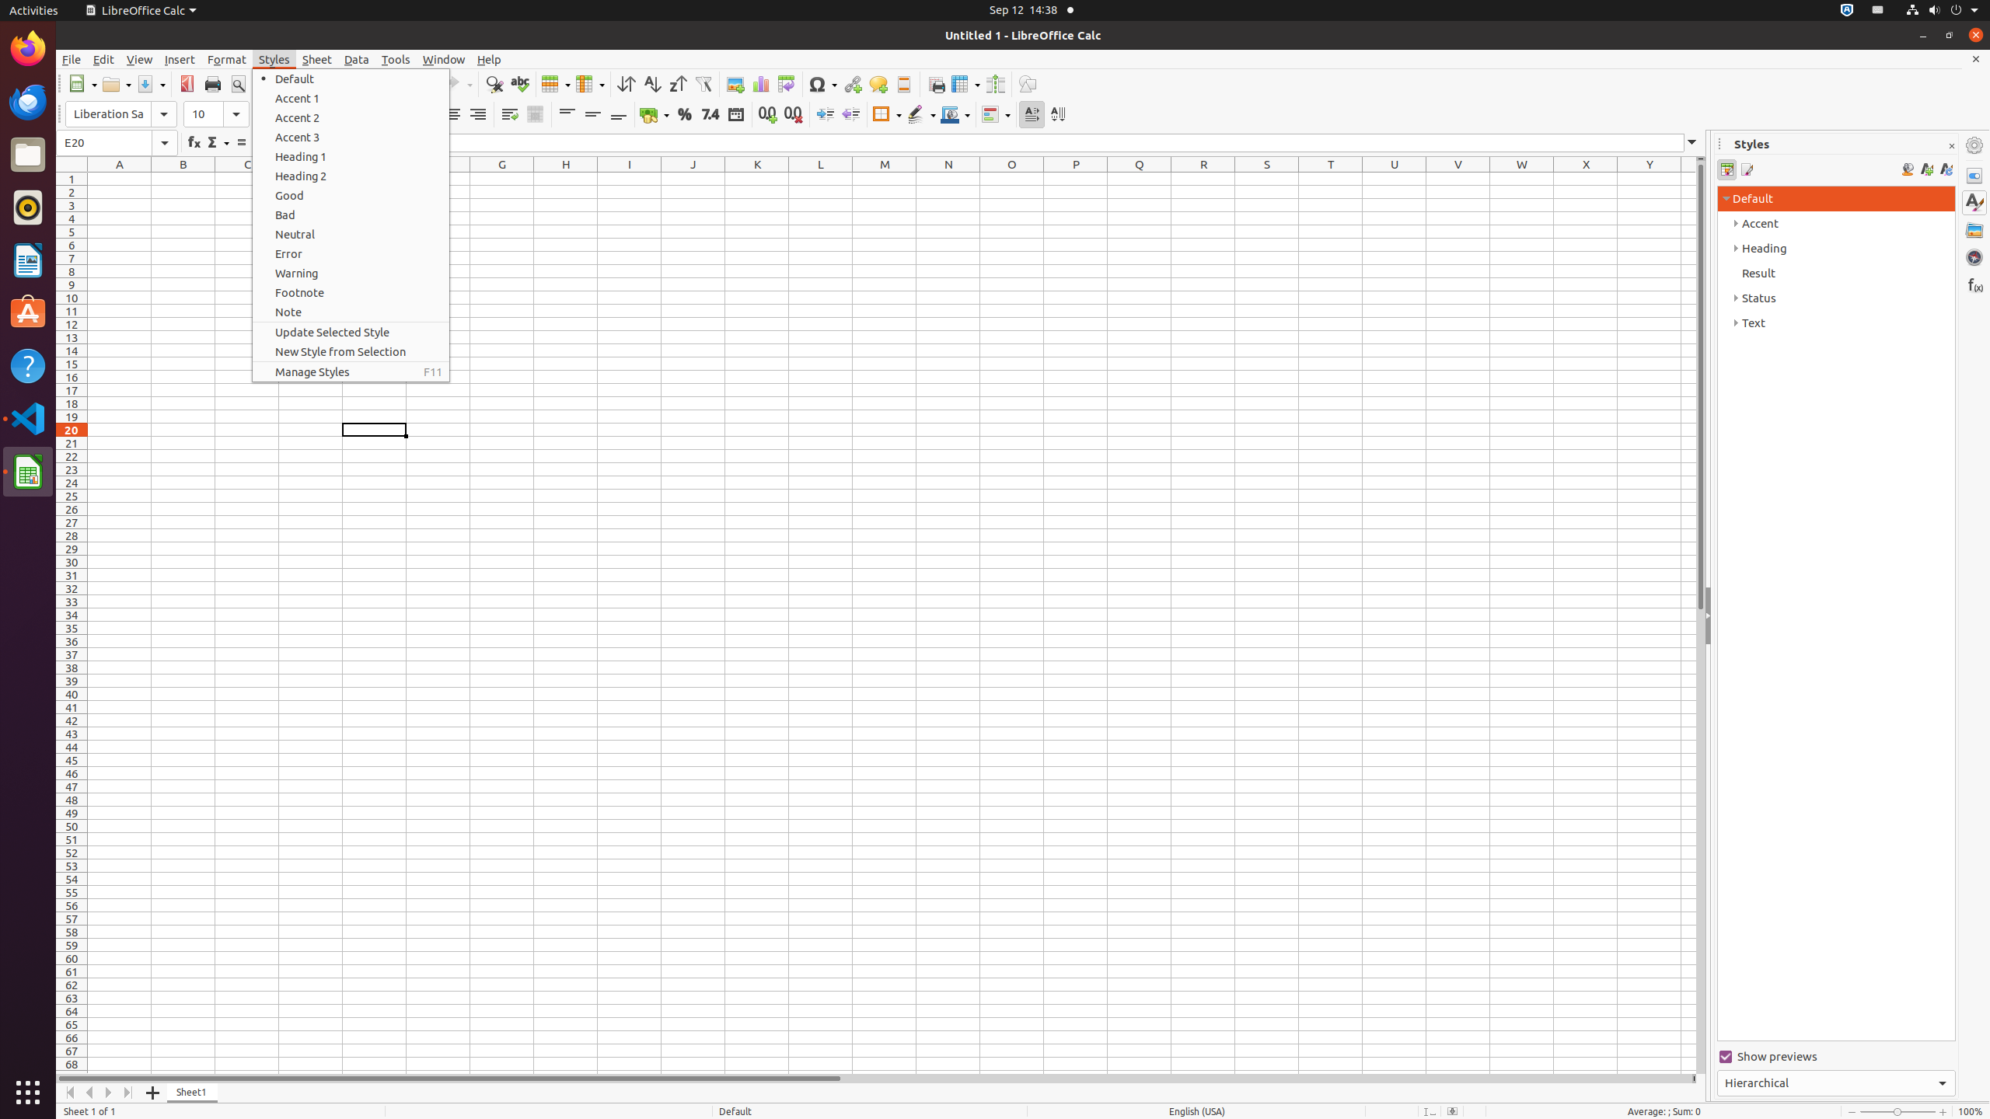 This screenshot has width=1990, height=1119. I want to click on 'Headers and Footers', so click(902, 83).